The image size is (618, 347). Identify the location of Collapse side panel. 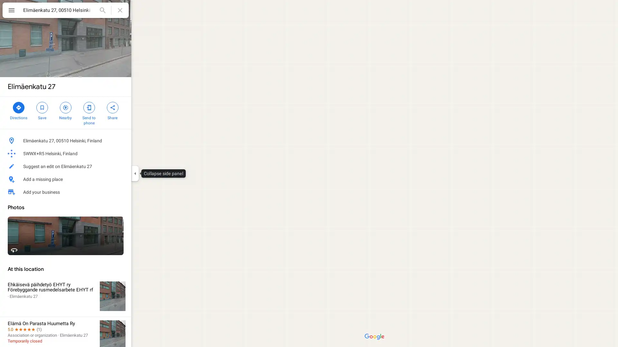
(135, 173).